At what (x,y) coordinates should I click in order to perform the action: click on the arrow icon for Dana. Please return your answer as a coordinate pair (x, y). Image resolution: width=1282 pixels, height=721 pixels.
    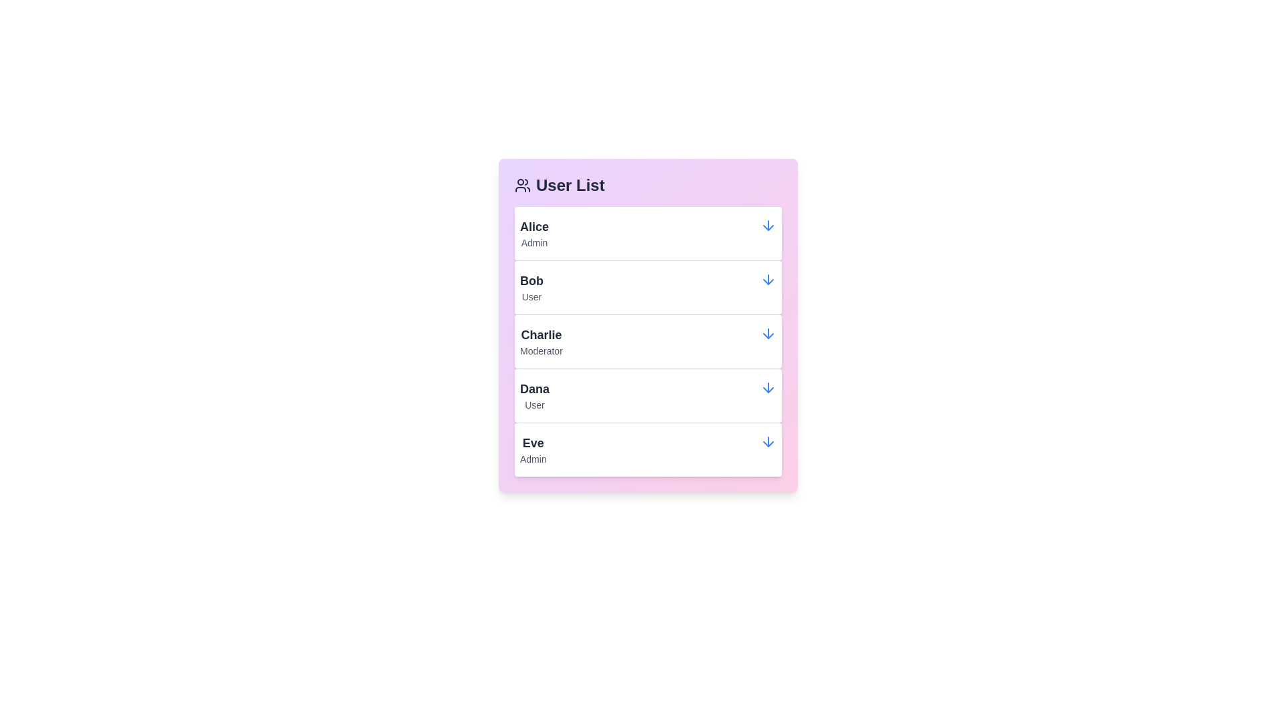
    Looking at the image, I should click on (769, 388).